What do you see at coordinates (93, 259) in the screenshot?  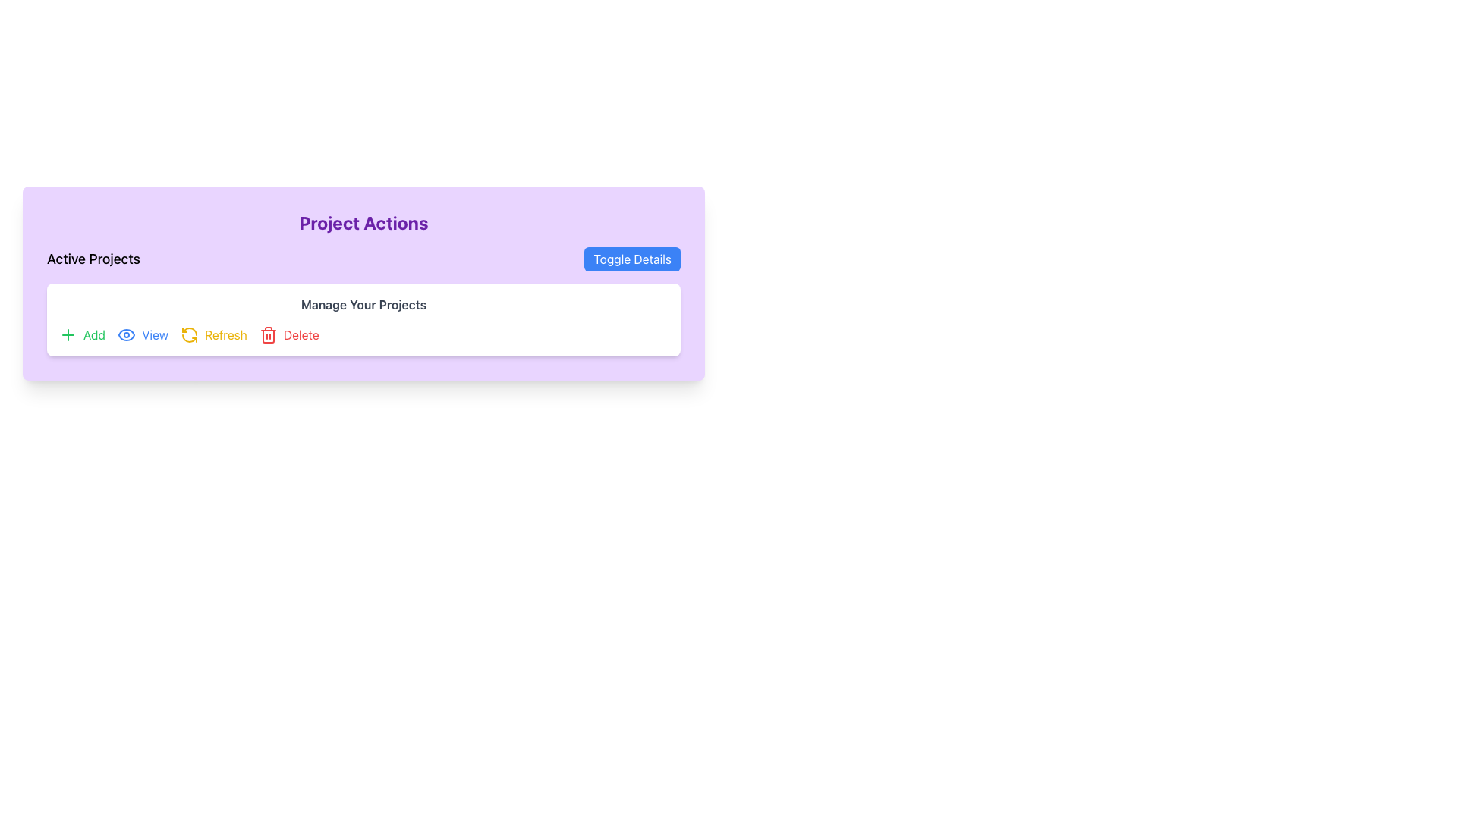 I see `the text label indicating currently active projects` at bounding box center [93, 259].